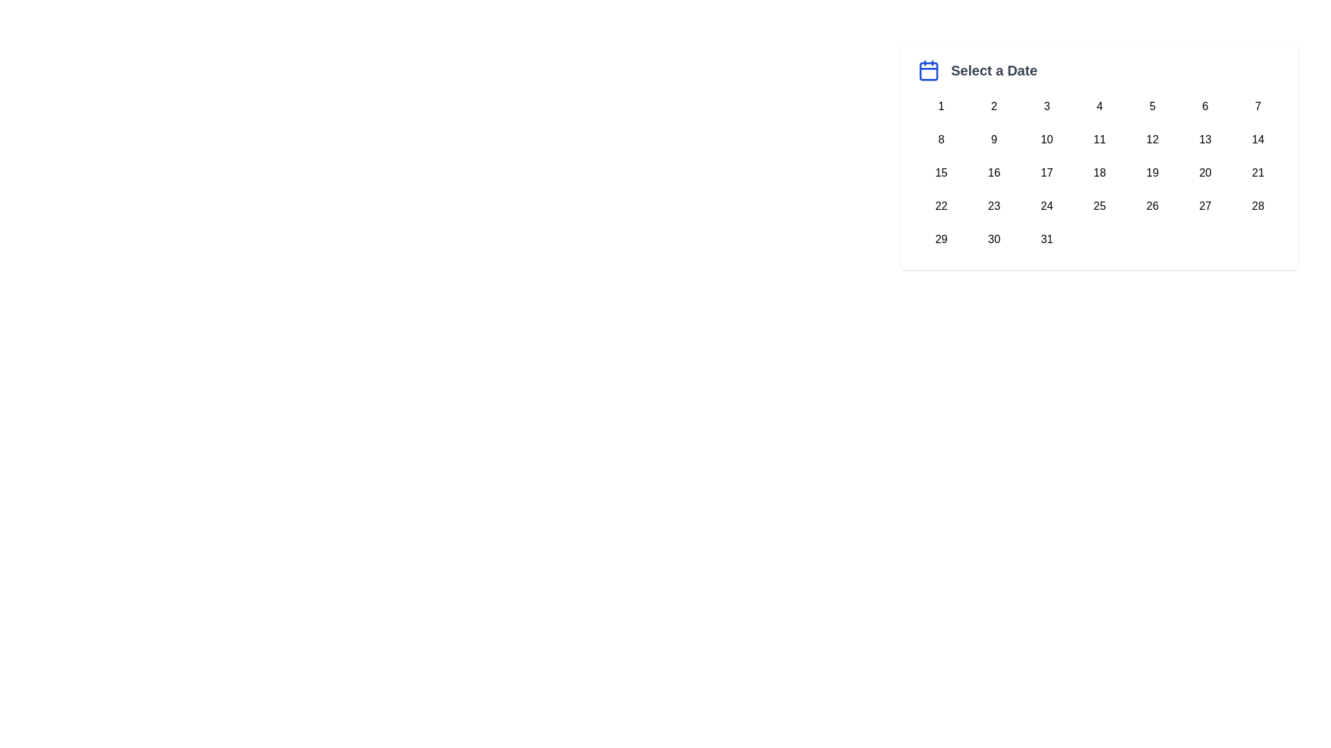  What do you see at coordinates (1204, 139) in the screenshot?
I see `the button representing day 13 in the calendar view` at bounding box center [1204, 139].